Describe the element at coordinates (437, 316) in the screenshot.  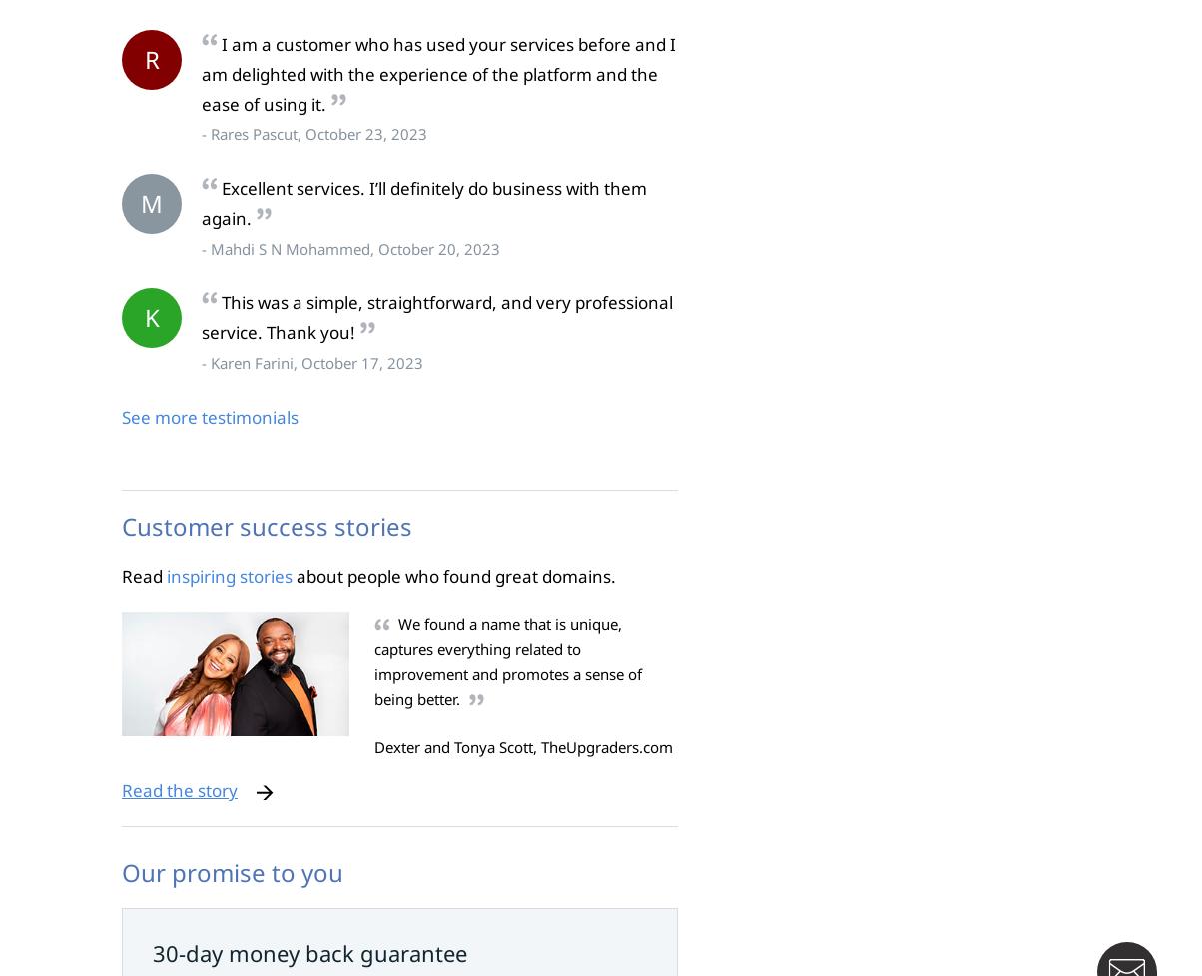
I see `'This was a simple, straightforward, and very professional service. Thank you!'` at that location.